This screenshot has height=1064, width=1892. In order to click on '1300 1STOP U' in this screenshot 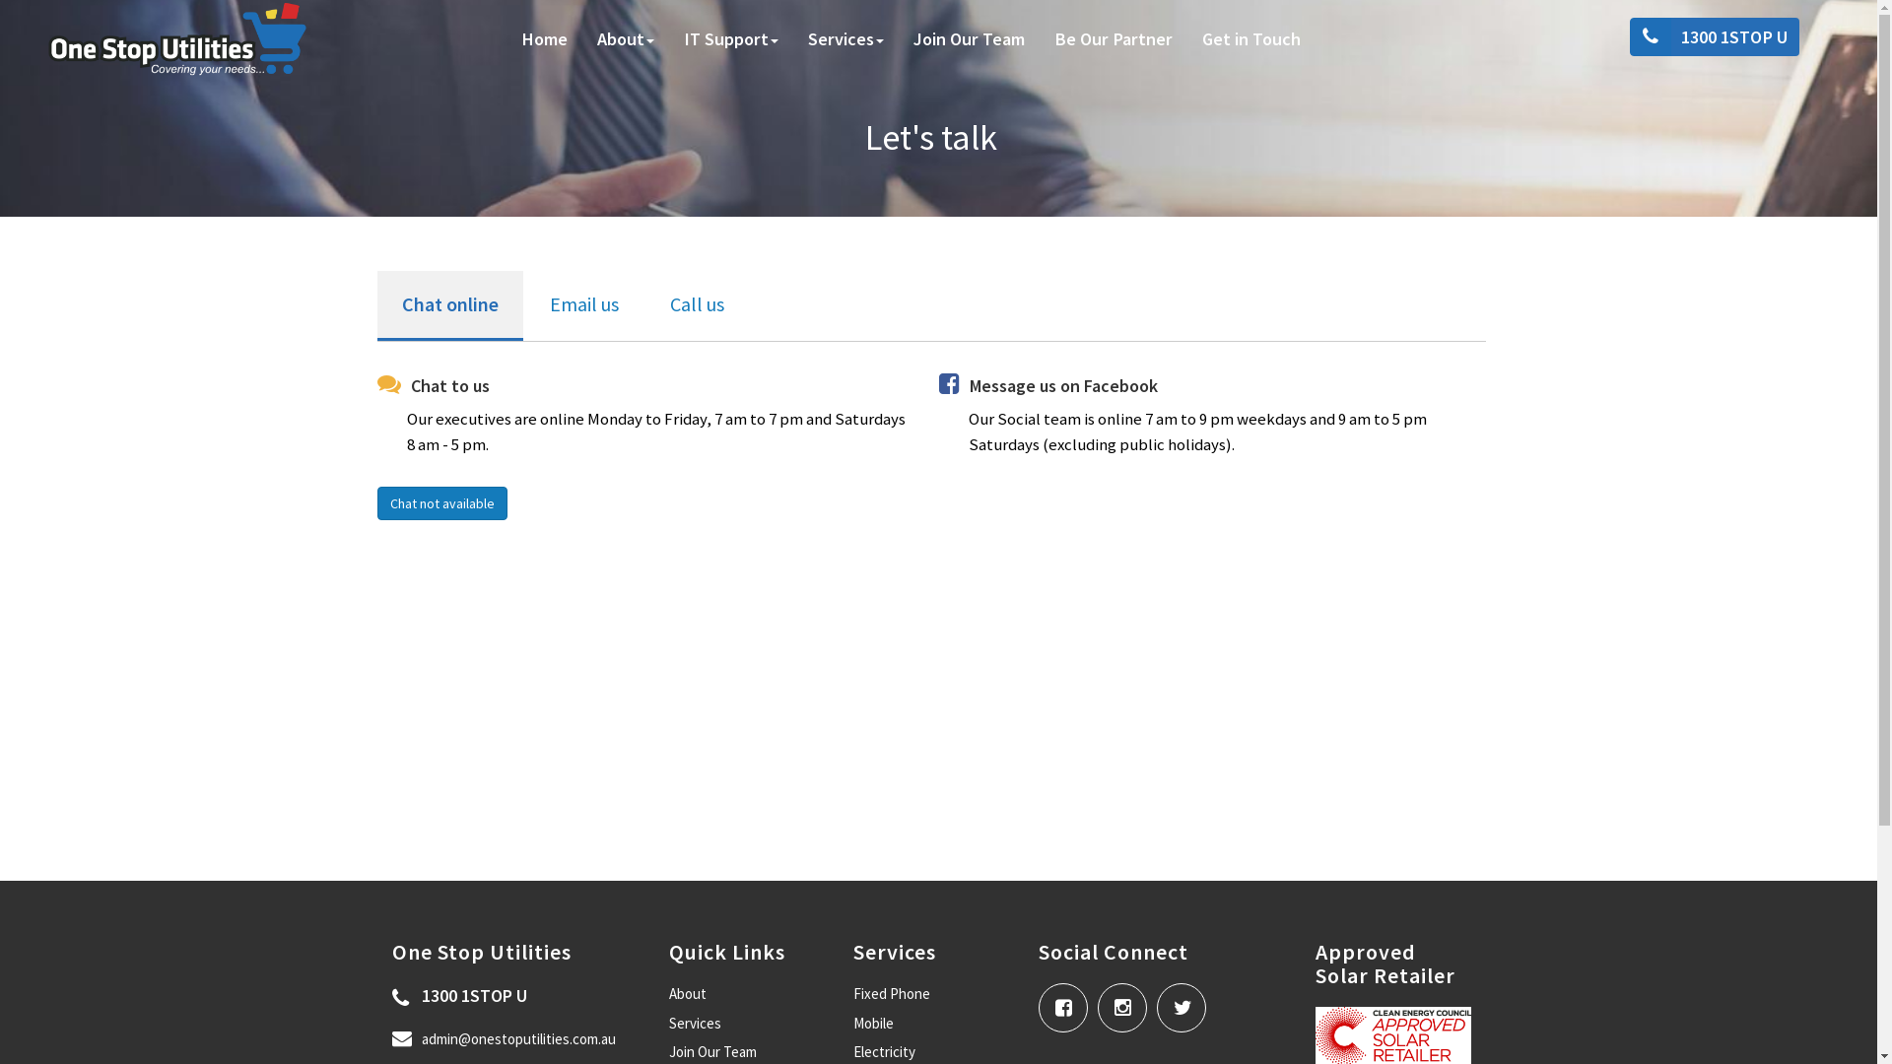, I will do `click(1719, 36)`.